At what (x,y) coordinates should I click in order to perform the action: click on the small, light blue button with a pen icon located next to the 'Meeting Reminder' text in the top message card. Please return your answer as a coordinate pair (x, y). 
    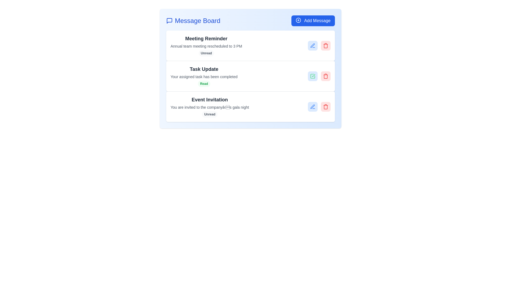
    Looking at the image, I should click on (312, 45).